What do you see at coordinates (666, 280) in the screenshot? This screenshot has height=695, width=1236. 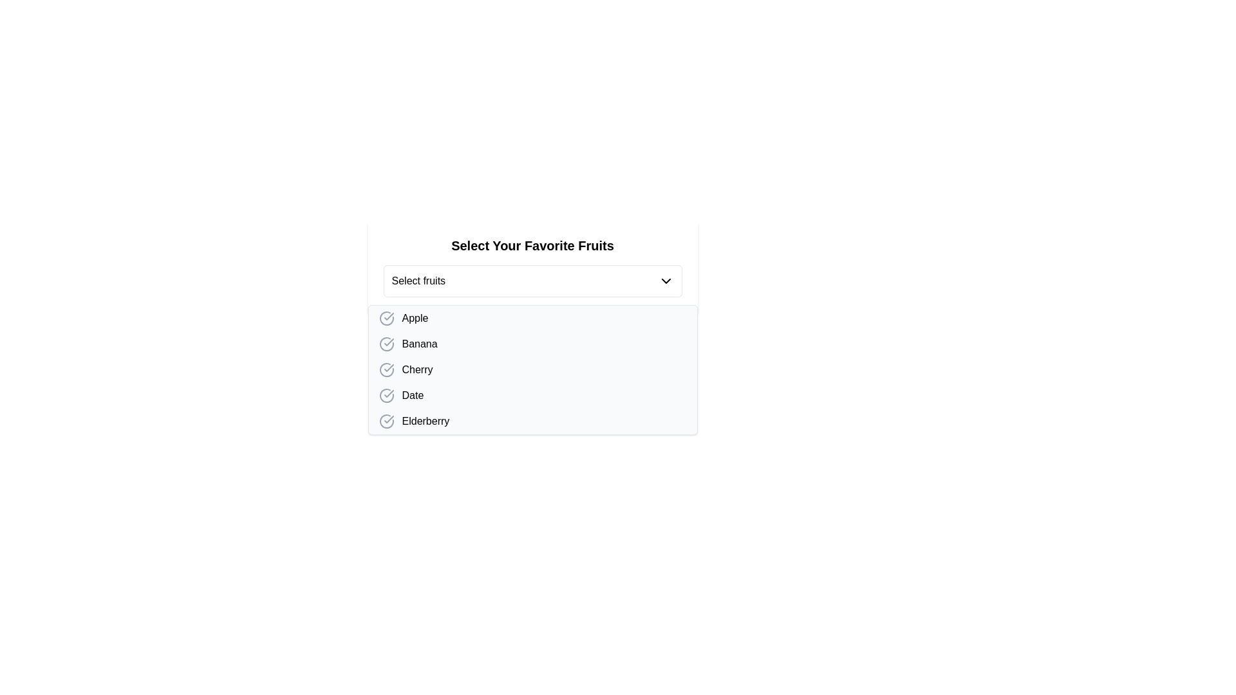 I see `the downward-pointing chevron icon on the right side of the 'Select fruits' dropdown menu` at bounding box center [666, 280].